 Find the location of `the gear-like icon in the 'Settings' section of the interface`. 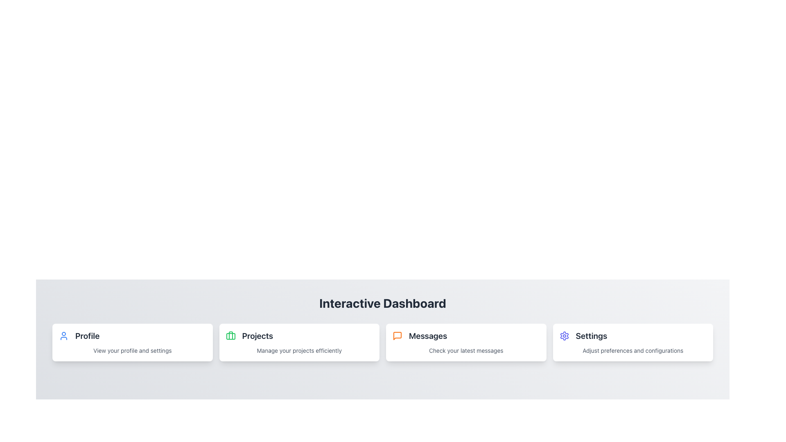

the gear-like icon in the 'Settings' section of the interface is located at coordinates (564, 336).